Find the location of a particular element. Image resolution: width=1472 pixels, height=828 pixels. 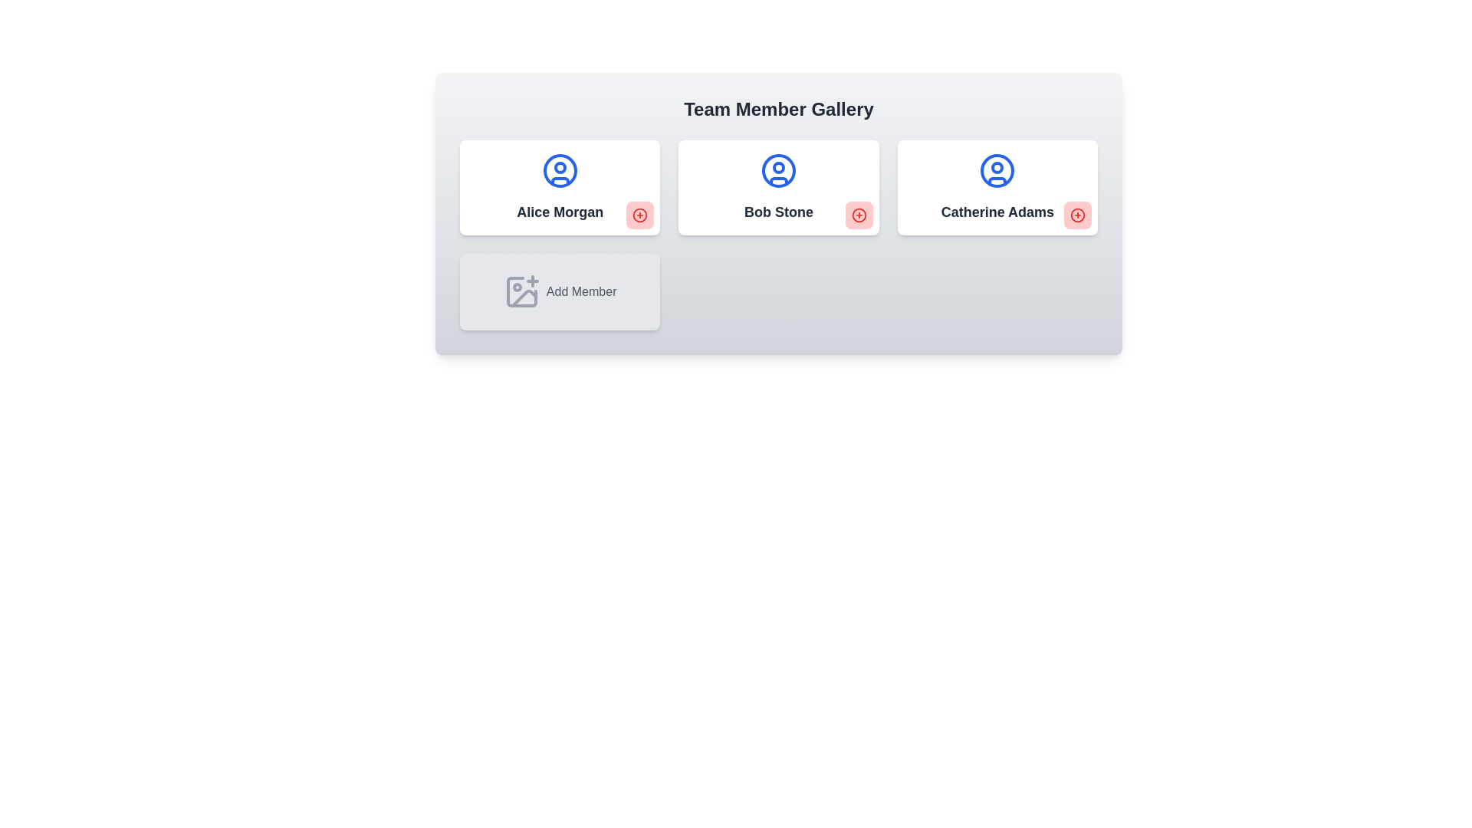

the user icon representing team member Alice Morgan, which is located at the upper part of the card labeled 'Alice Morgan', vertically aligned with the name and horizontally centered is located at coordinates (559, 171).